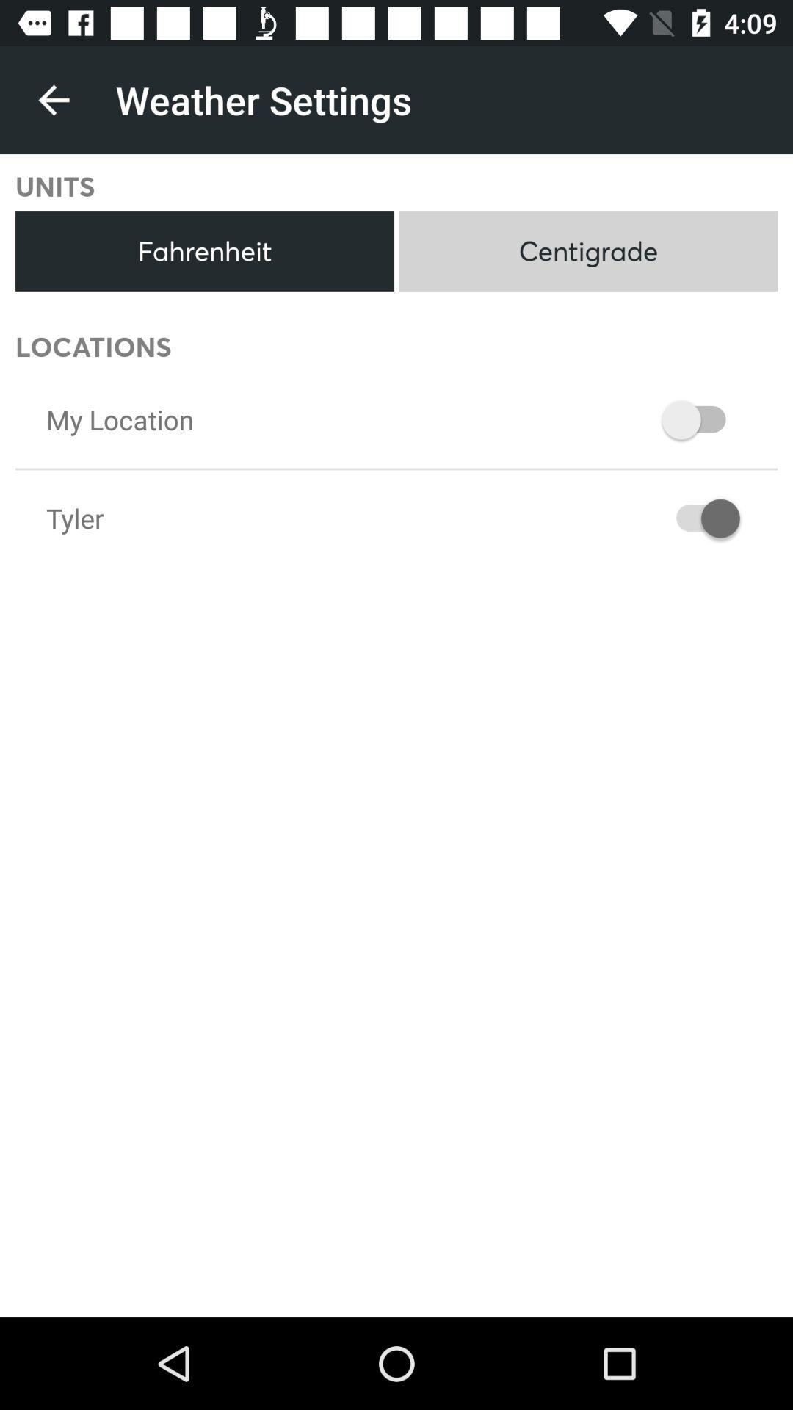  I want to click on centigrade, so click(587, 251).